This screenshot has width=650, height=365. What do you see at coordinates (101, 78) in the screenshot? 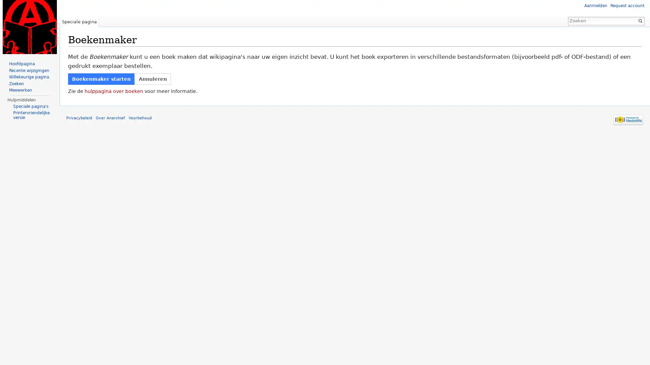
I see `Boekenmaker starten` at bounding box center [101, 78].